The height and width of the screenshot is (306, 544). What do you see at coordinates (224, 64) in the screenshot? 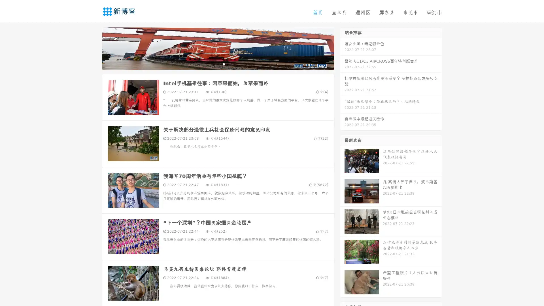
I see `Go to slide 3` at bounding box center [224, 64].